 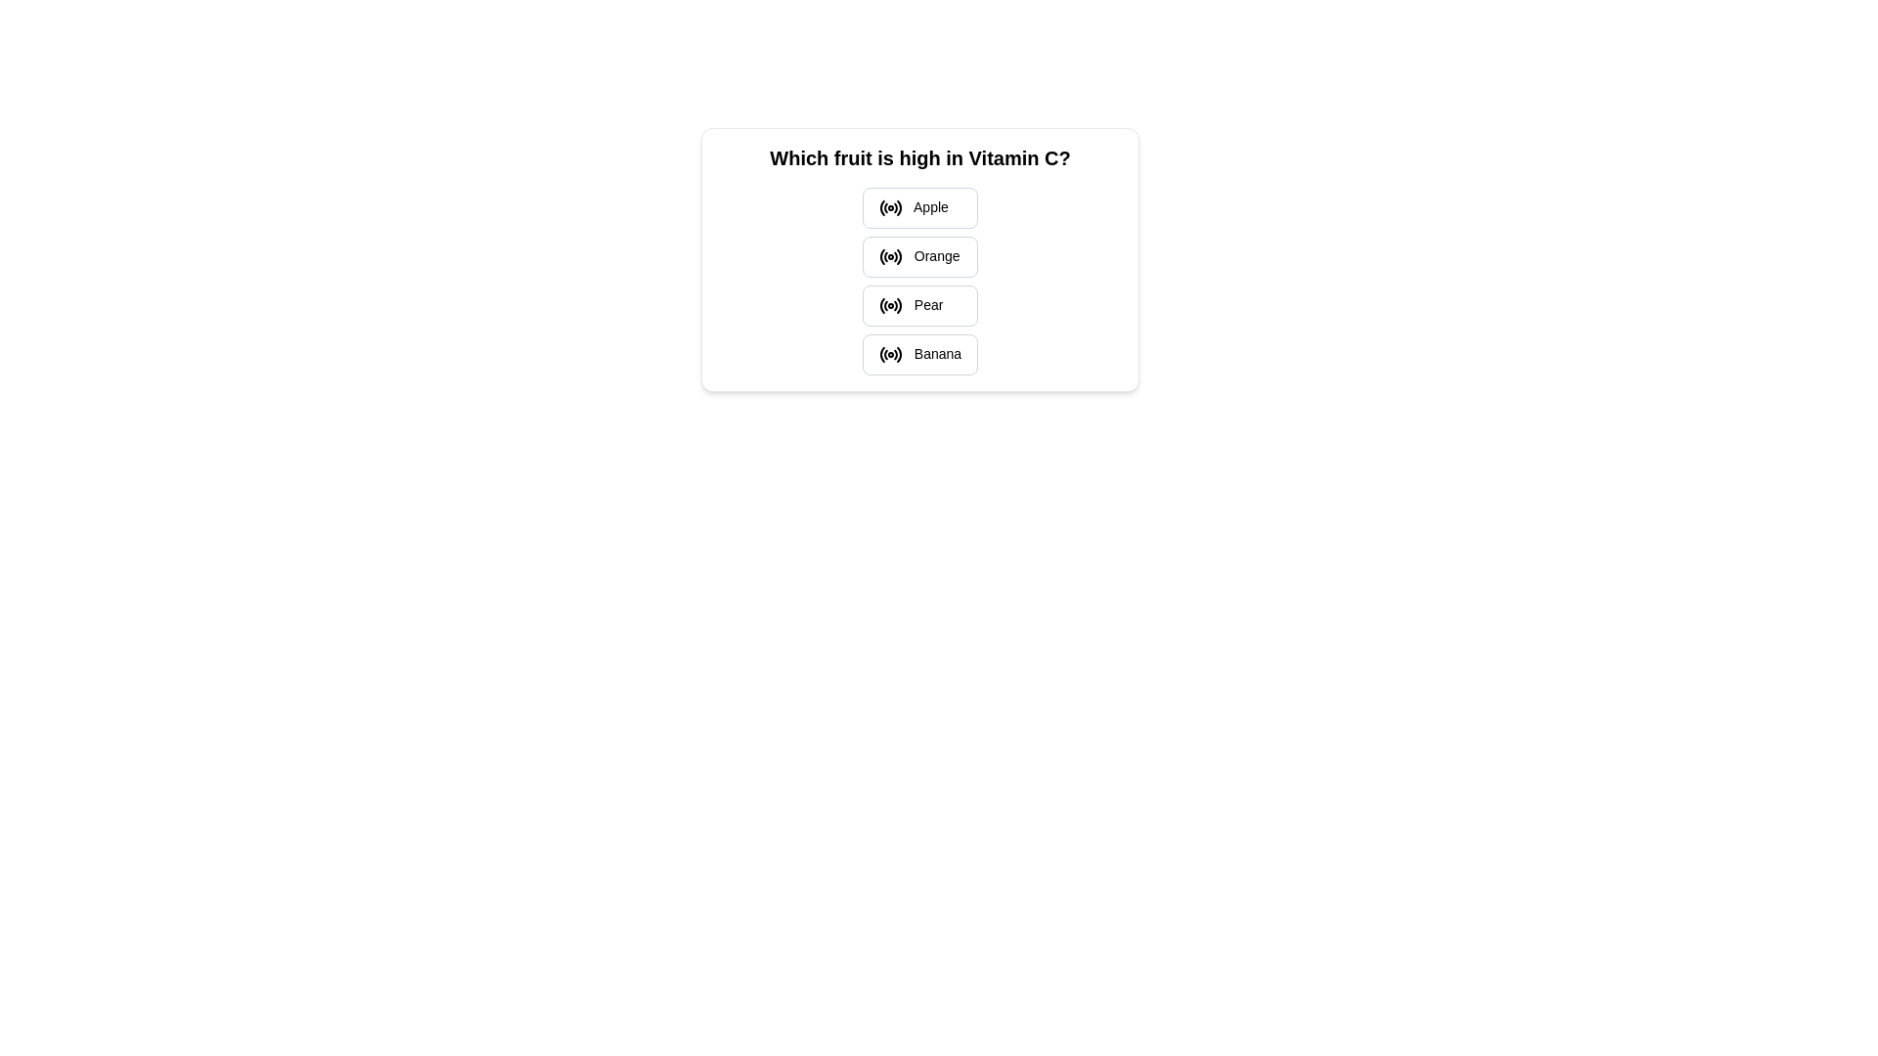 What do you see at coordinates (889, 255) in the screenshot?
I see `the circular icon representing the 'Orange' option in the multiple-choice question interface, which is located to the left of the text label 'Orange'` at bounding box center [889, 255].